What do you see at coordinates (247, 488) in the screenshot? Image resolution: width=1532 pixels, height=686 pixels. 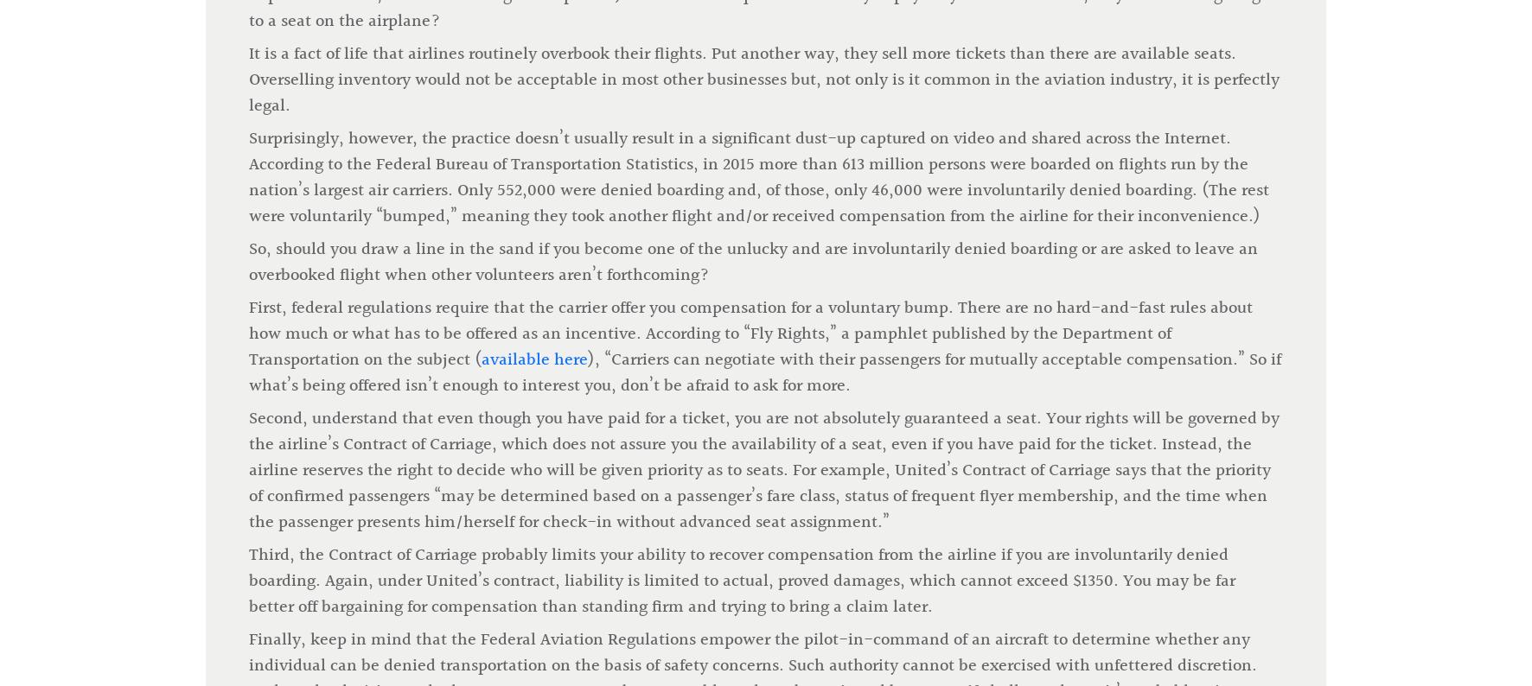 I see `'There’s little doubt that getting involuntarily bumped can disrupt travel plans and be distressing. No one wants to be forcibly deplaned. If this unfortunate situation befalls you, use your smartphone to check the contract of carriage and make sure that you are fully compensated, as is your right.'` at bounding box center [247, 488].